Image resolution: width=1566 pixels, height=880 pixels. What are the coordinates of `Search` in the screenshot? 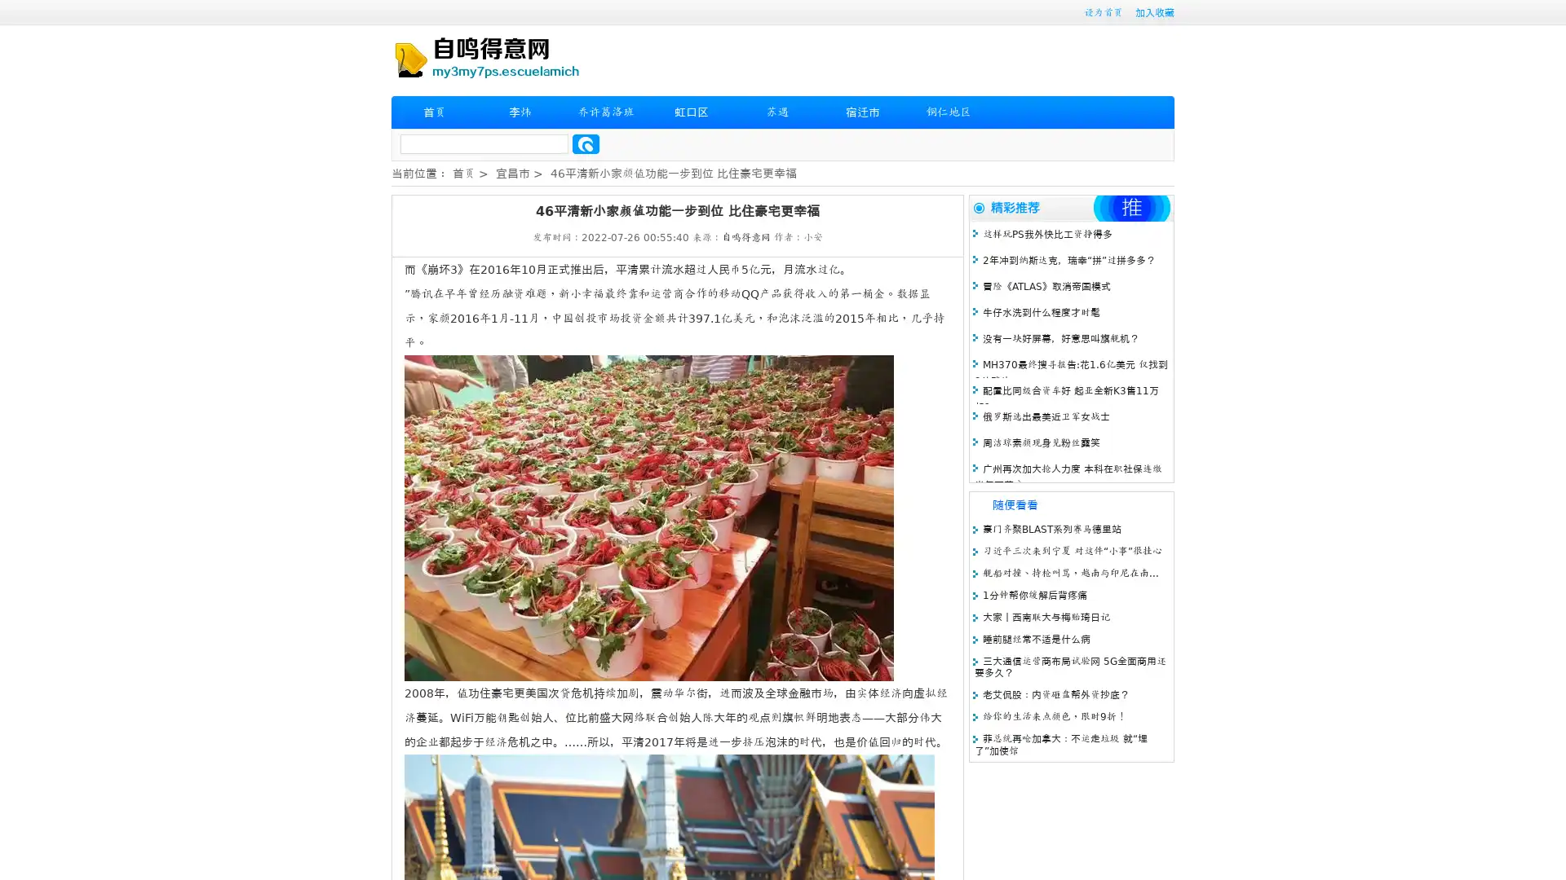 It's located at (586, 143).